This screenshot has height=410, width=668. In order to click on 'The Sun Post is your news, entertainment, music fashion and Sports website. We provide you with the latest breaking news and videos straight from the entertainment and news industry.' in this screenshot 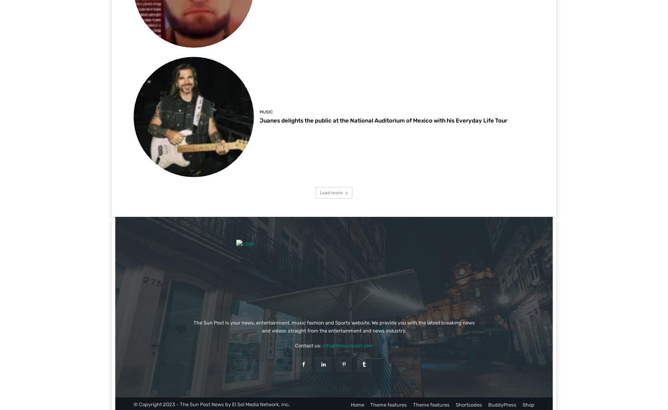, I will do `click(192, 326)`.